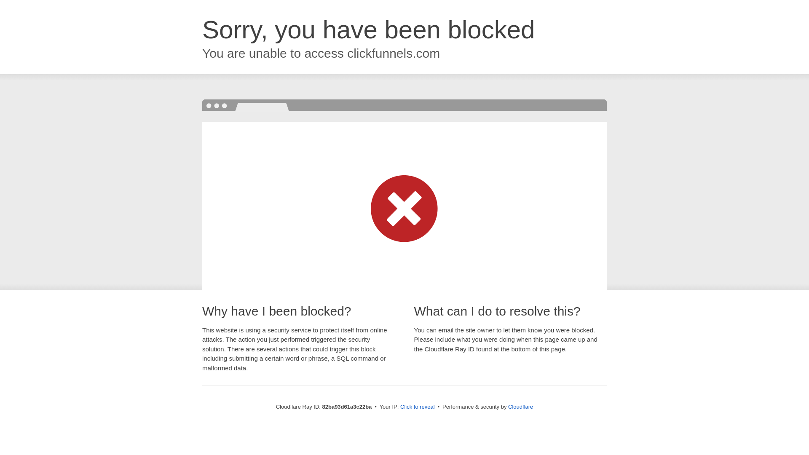 This screenshot has height=455, width=809. What do you see at coordinates (417, 406) in the screenshot?
I see `'Click to reveal'` at bounding box center [417, 406].